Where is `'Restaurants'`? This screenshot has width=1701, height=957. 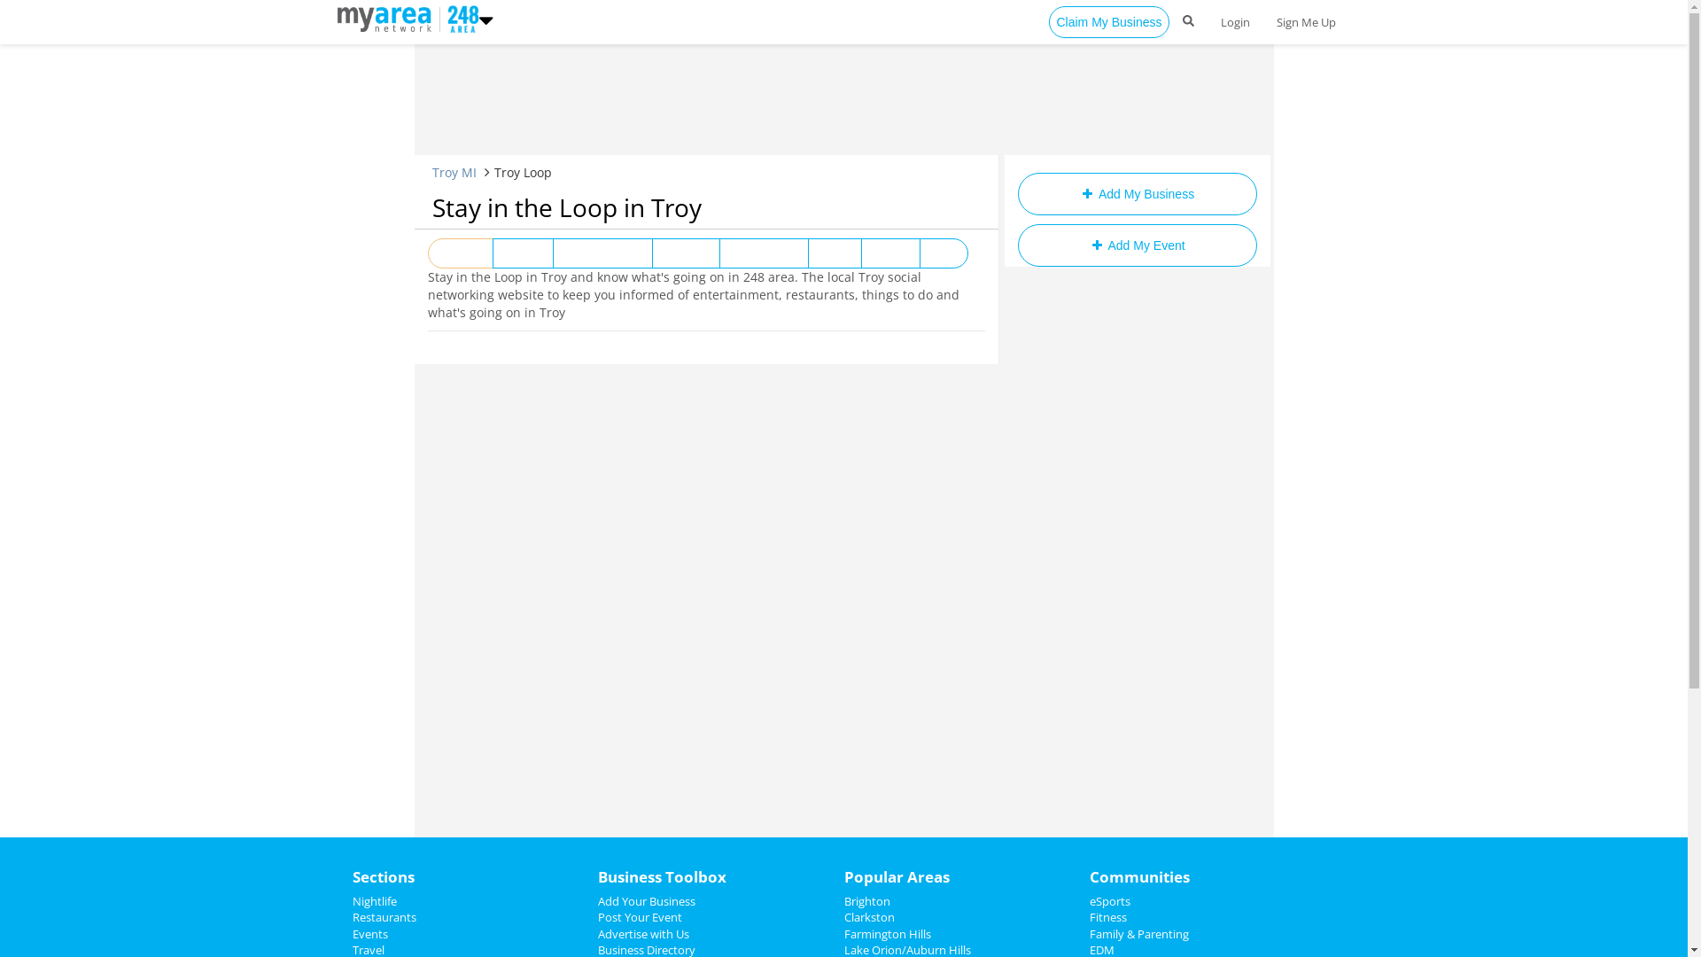
'Restaurants' is located at coordinates (383, 916).